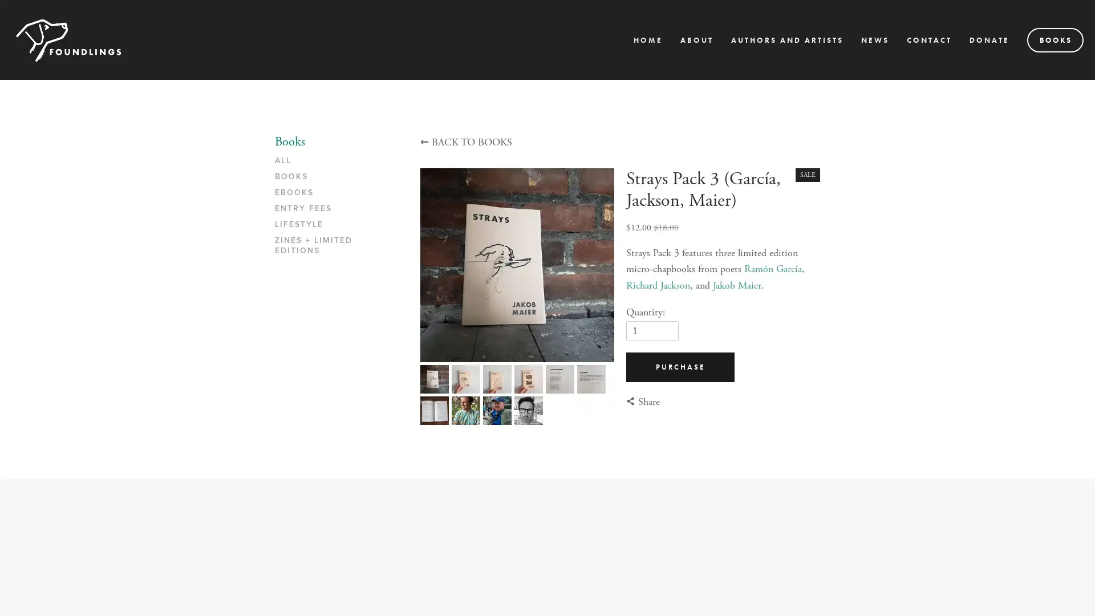  I want to click on PURCHASE, so click(680, 367).